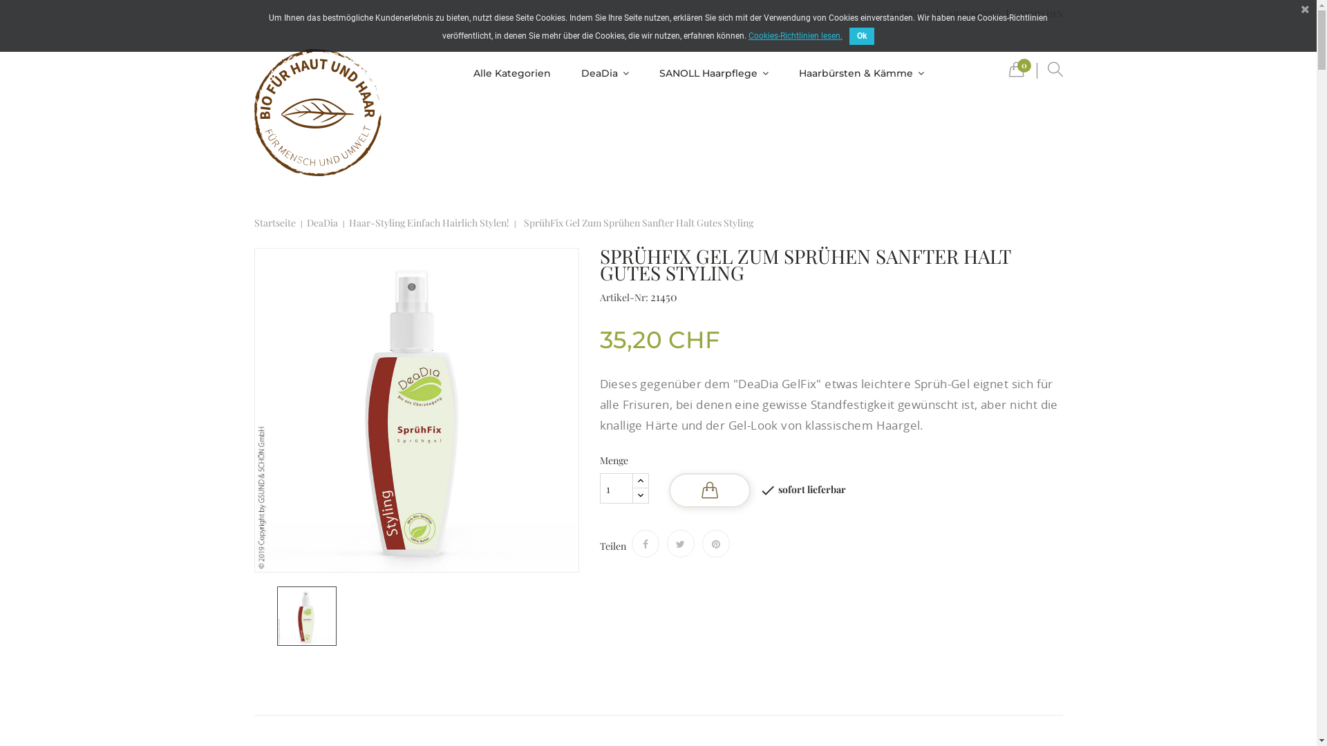 The width and height of the screenshot is (1327, 746). Describe the element at coordinates (796, 34) in the screenshot. I see `'Cookies-Richtlinien lesen.'` at that location.